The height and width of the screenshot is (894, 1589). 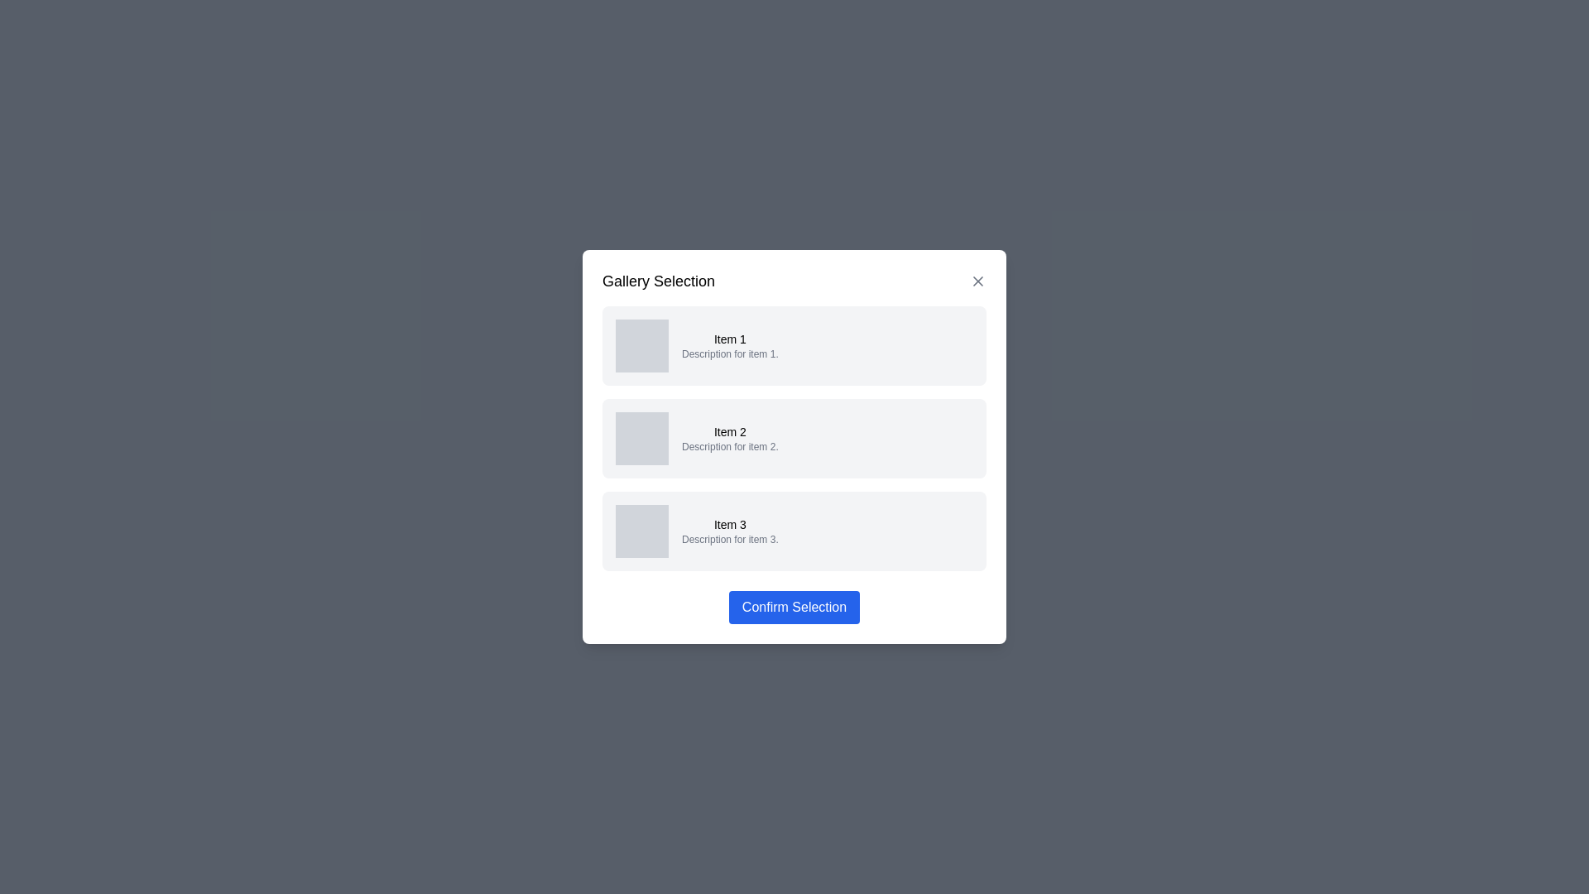 What do you see at coordinates (729, 524) in the screenshot?
I see `the Text Label that identifies the third item in a vertically-aligned list within a modal, positioned above the description text 'Description for item 3.'` at bounding box center [729, 524].